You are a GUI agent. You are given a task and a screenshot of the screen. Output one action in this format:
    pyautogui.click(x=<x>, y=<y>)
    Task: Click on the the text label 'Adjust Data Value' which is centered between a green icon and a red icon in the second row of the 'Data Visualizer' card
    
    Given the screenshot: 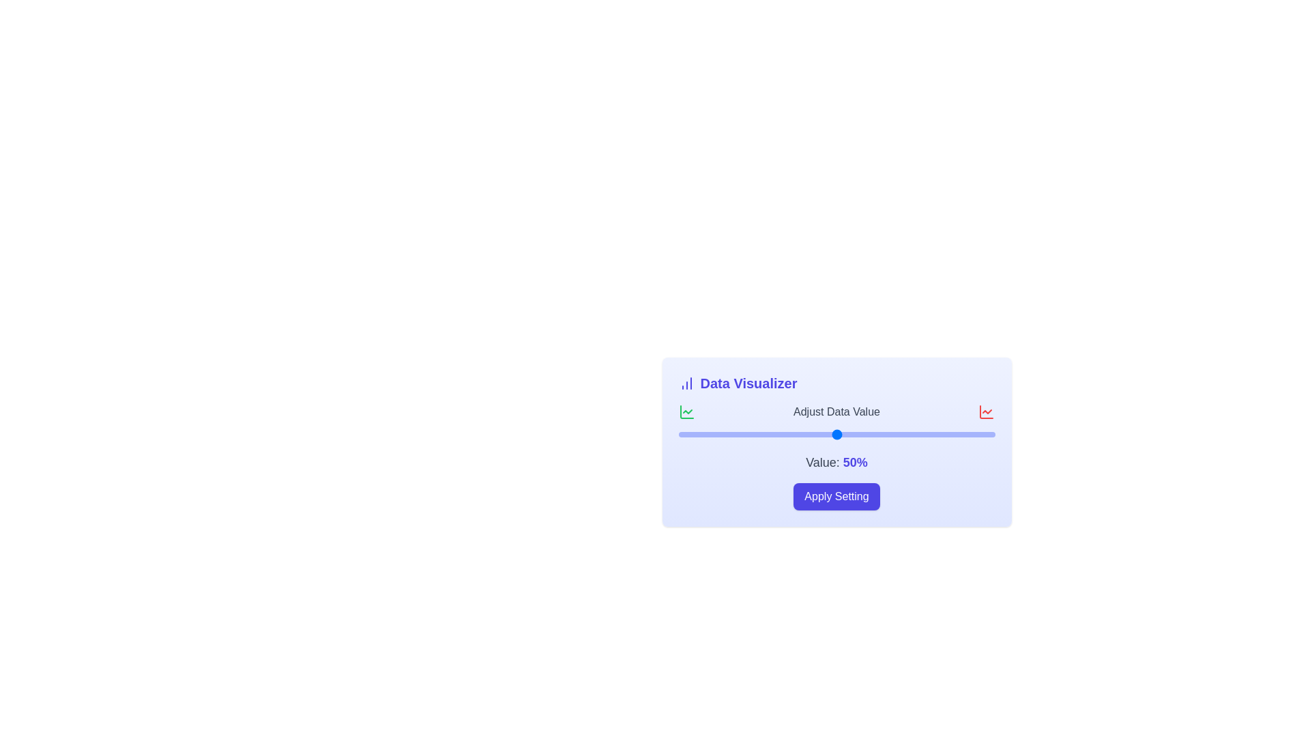 What is the action you would take?
    pyautogui.click(x=836, y=411)
    